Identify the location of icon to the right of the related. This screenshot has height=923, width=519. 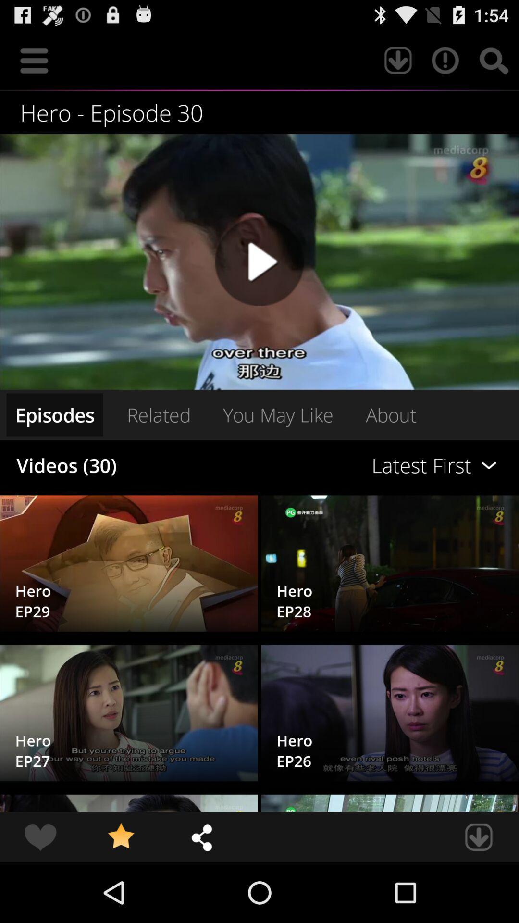
(355, 465).